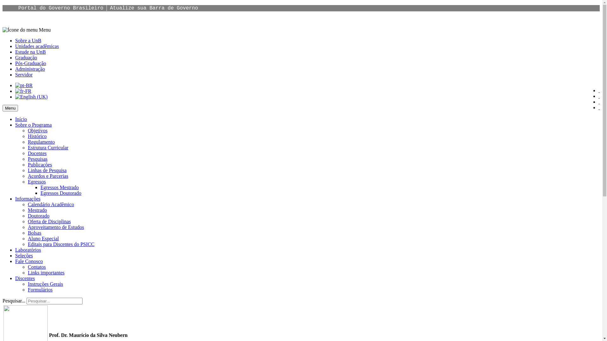 The width and height of the screenshot is (607, 341). What do you see at coordinates (15, 278) in the screenshot?
I see `'Discentes'` at bounding box center [15, 278].